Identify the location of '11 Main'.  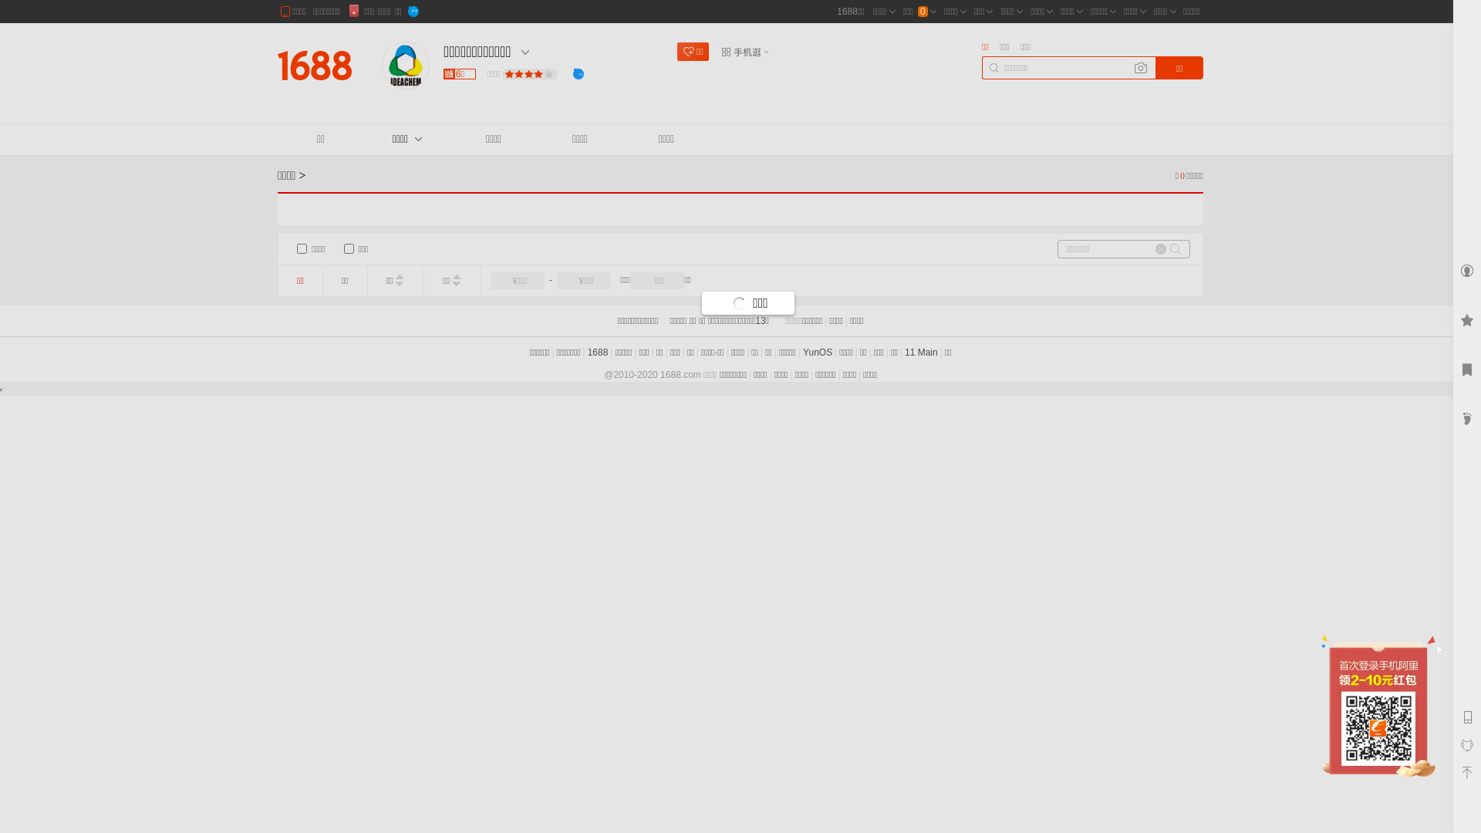
(921, 352).